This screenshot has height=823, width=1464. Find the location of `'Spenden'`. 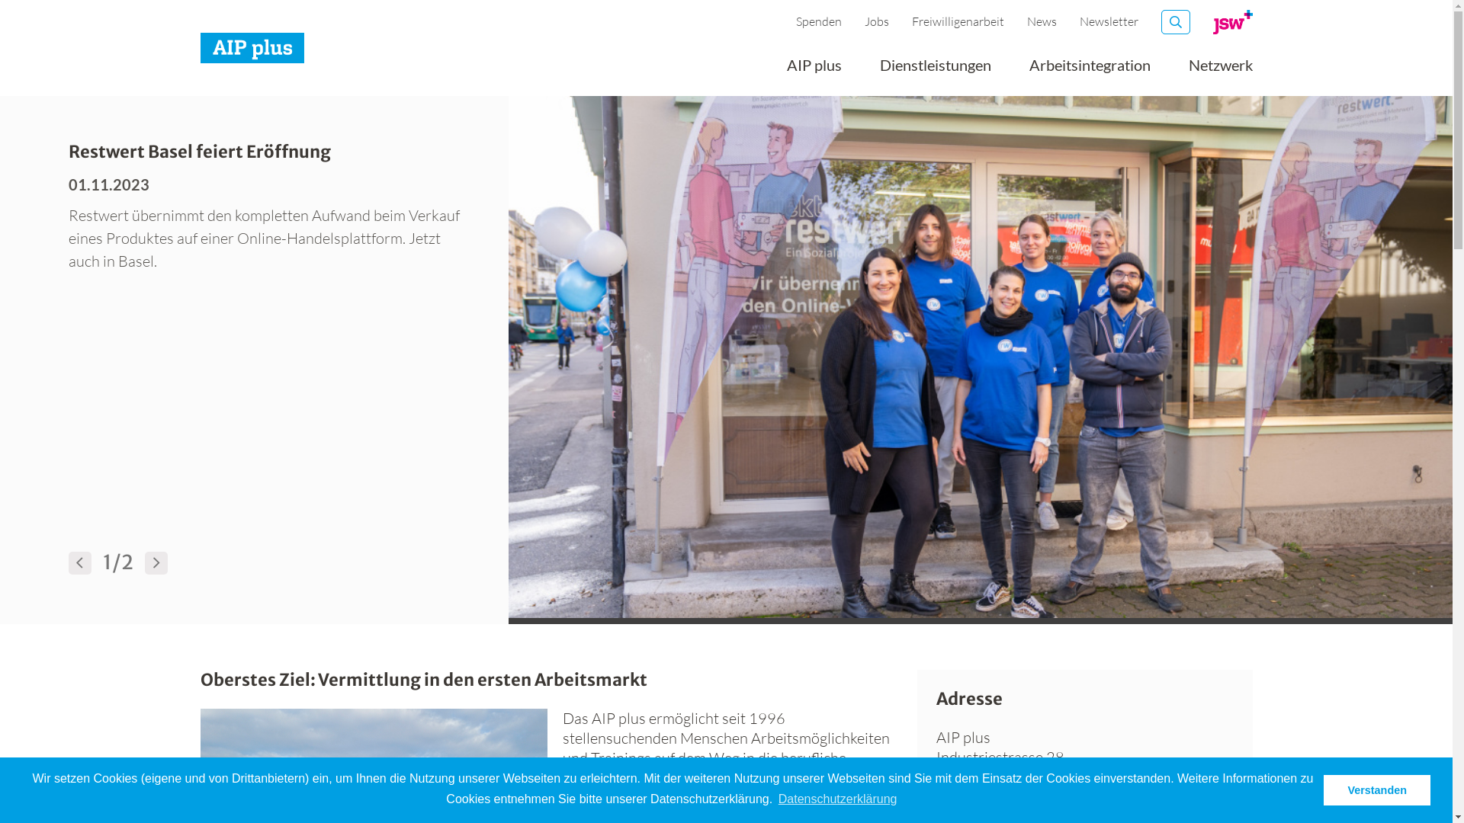

'Spenden' is located at coordinates (818, 21).